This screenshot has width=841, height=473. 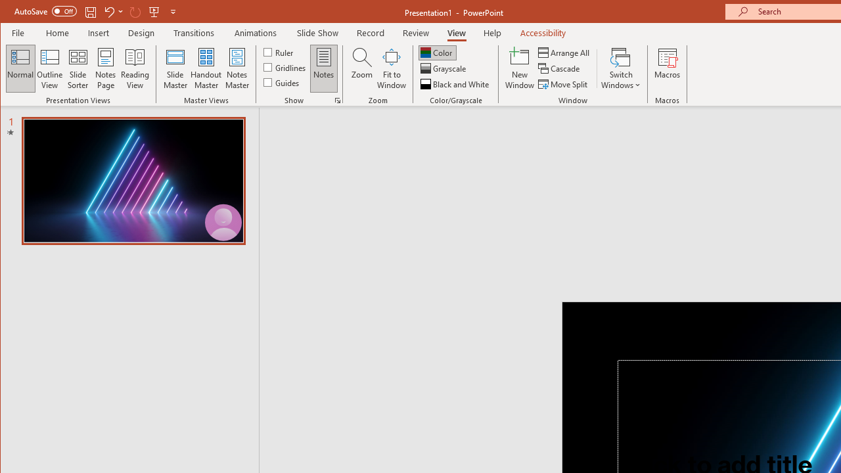 I want to click on 'Macros', so click(x=668, y=68).